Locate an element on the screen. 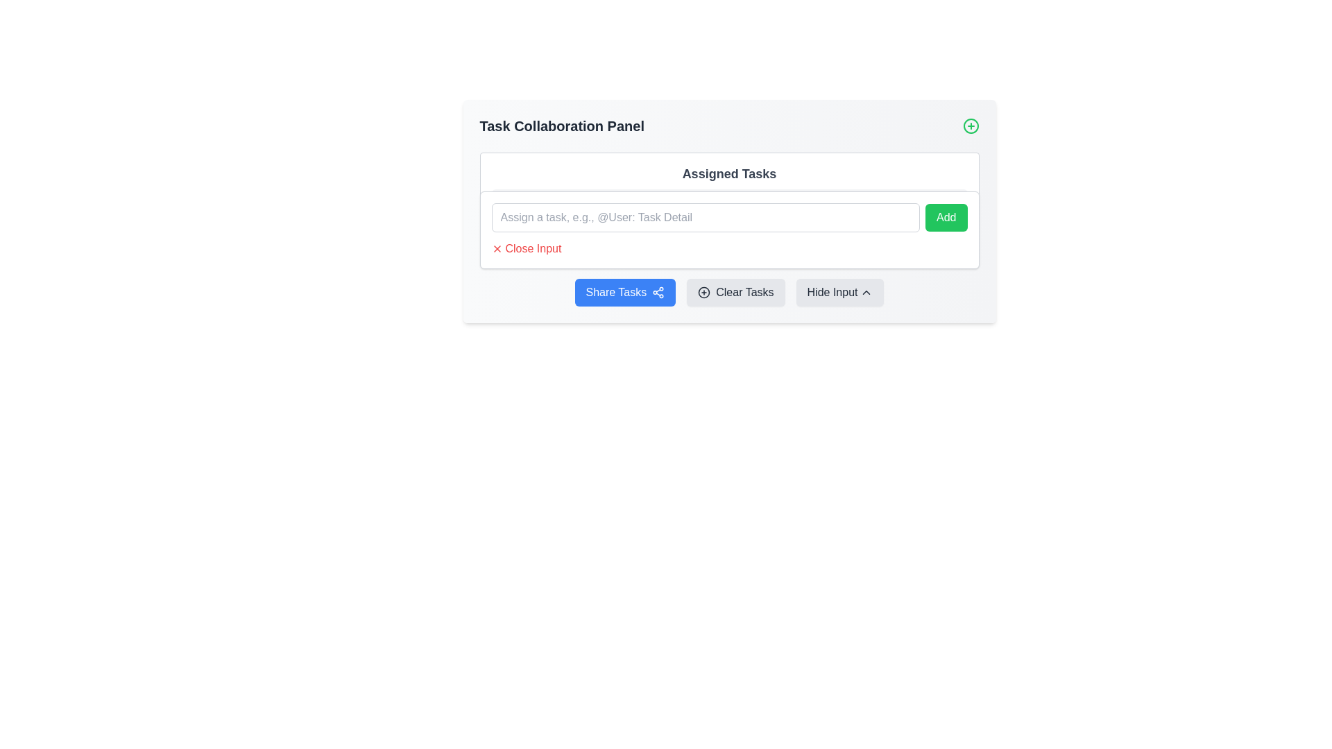 The height and width of the screenshot is (749, 1332). small square icon representing a user profile avatar located within the 'Assign Tasks' input bar, to the left of the placeholder text 'Assign a task, e.g., @User: Task Detail' is located at coordinates (506, 203).